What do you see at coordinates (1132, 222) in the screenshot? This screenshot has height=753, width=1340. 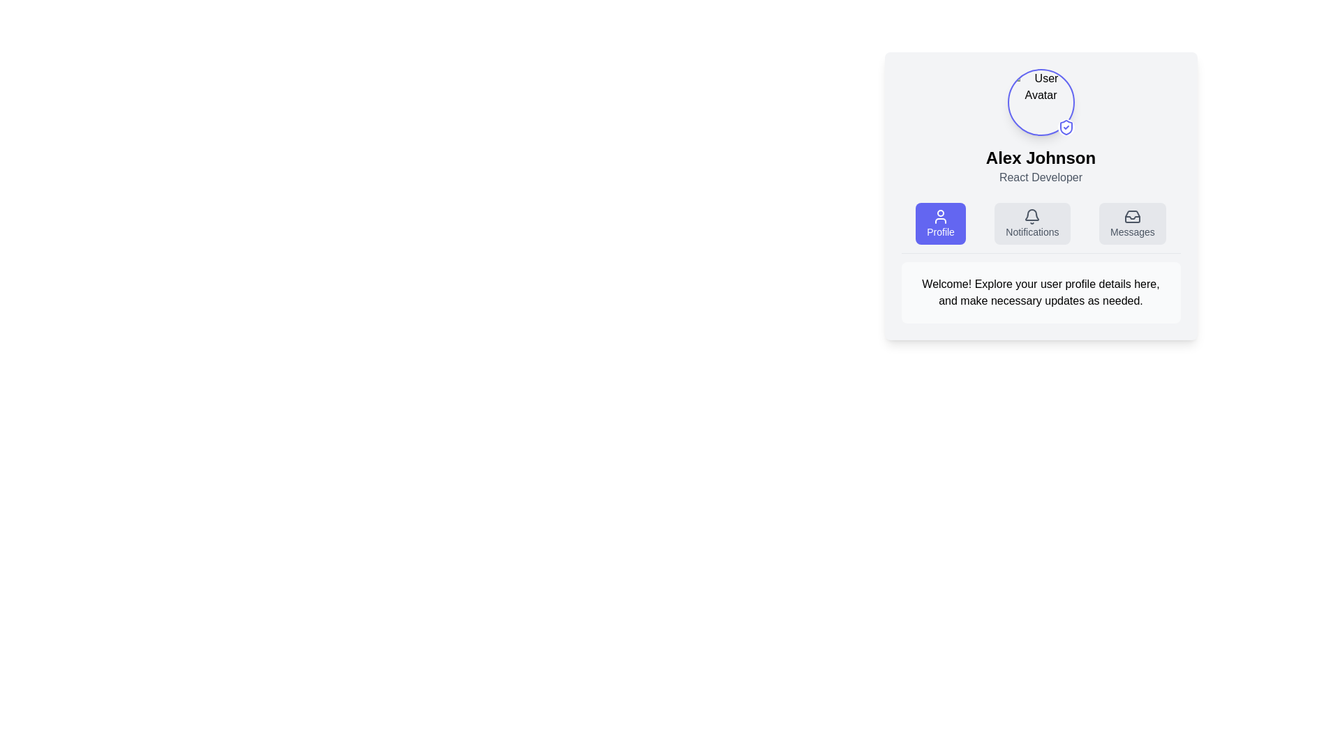 I see `the 'Messages' button, which is a rectangular button with rounded edges, featuring a light gray background and a dark gray inbox icon above the label text 'Messages'` at bounding box center [1132, 222].